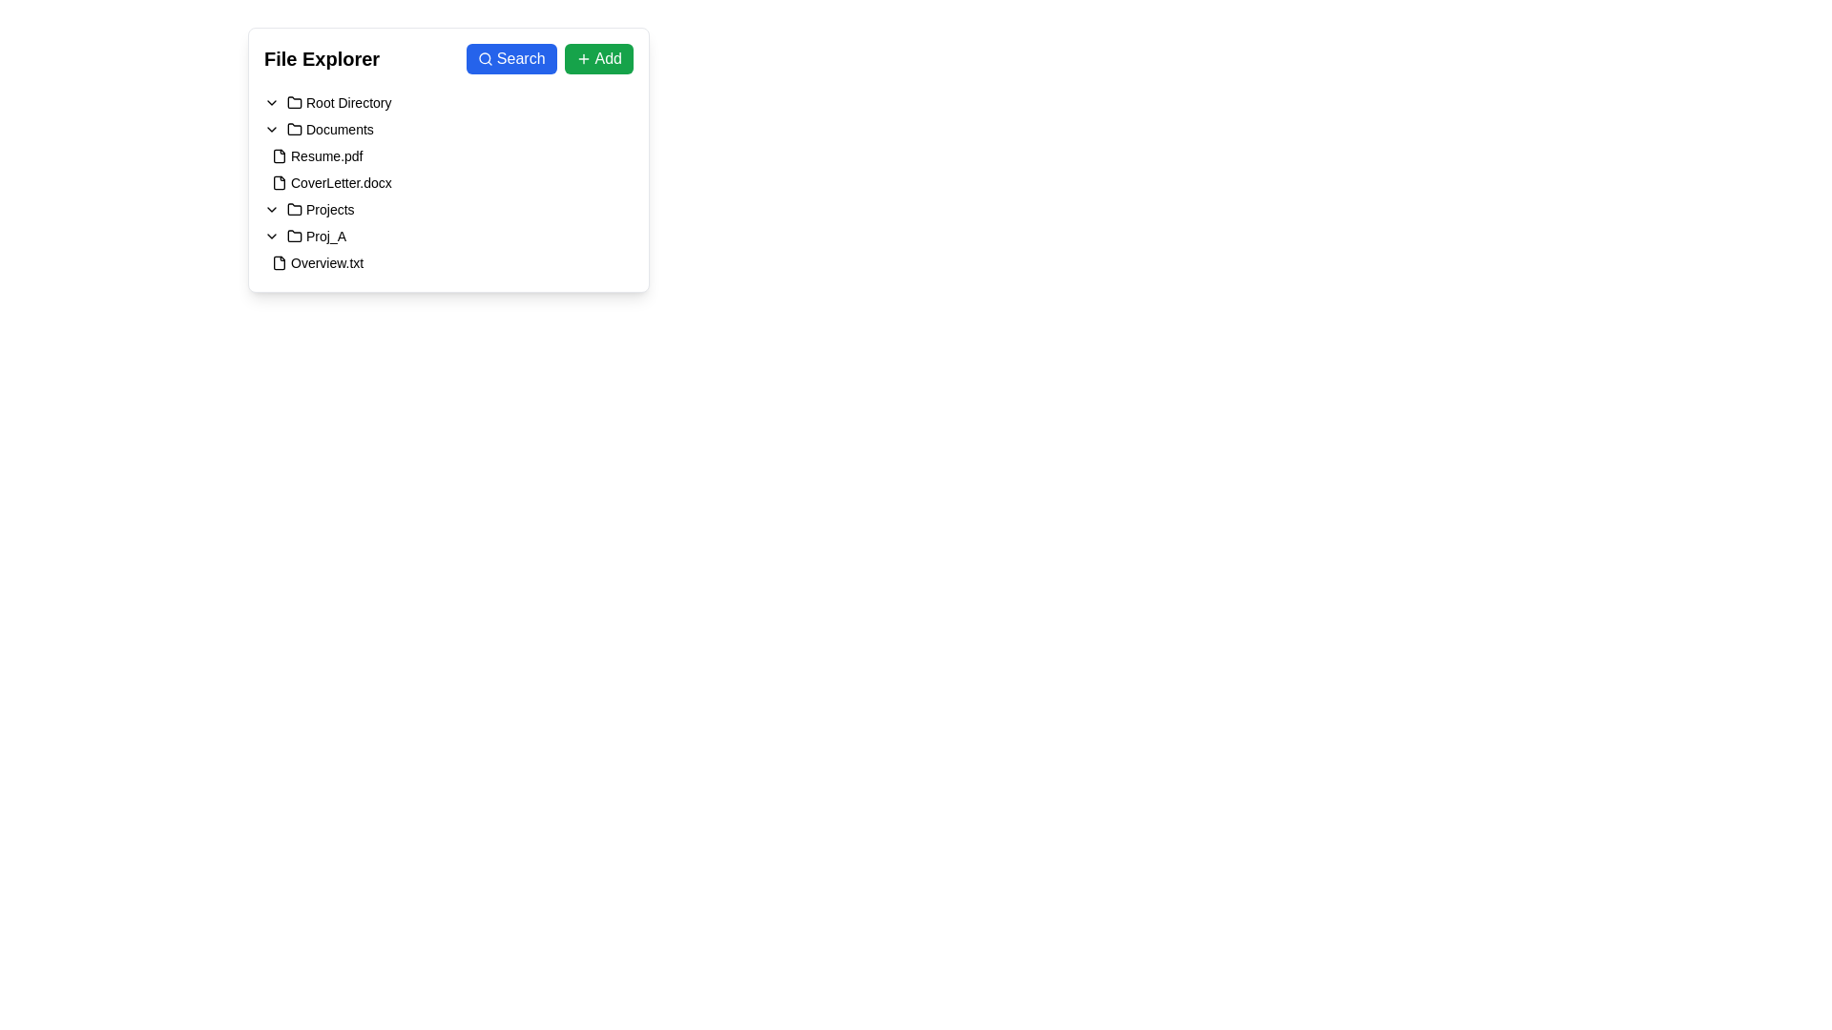  What do you see at coordinates (270, 209) in the screenshot?
I see `the Chevron Down icon located to the left of the 'Projects' label in the file explorer interface` at bounding box center [270, 209].